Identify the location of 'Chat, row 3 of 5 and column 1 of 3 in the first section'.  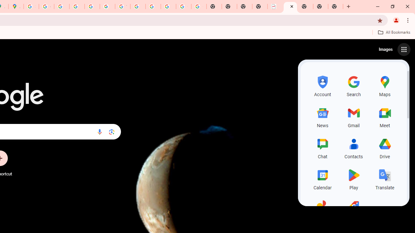
(323, 148).